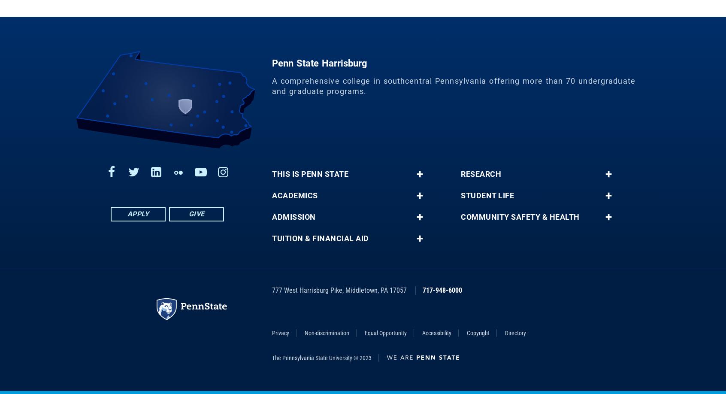 This screenshot has width=726, height=394. Describe the element at coordinates (398, 296) in the screenshot. I see `'17057'` at that location.